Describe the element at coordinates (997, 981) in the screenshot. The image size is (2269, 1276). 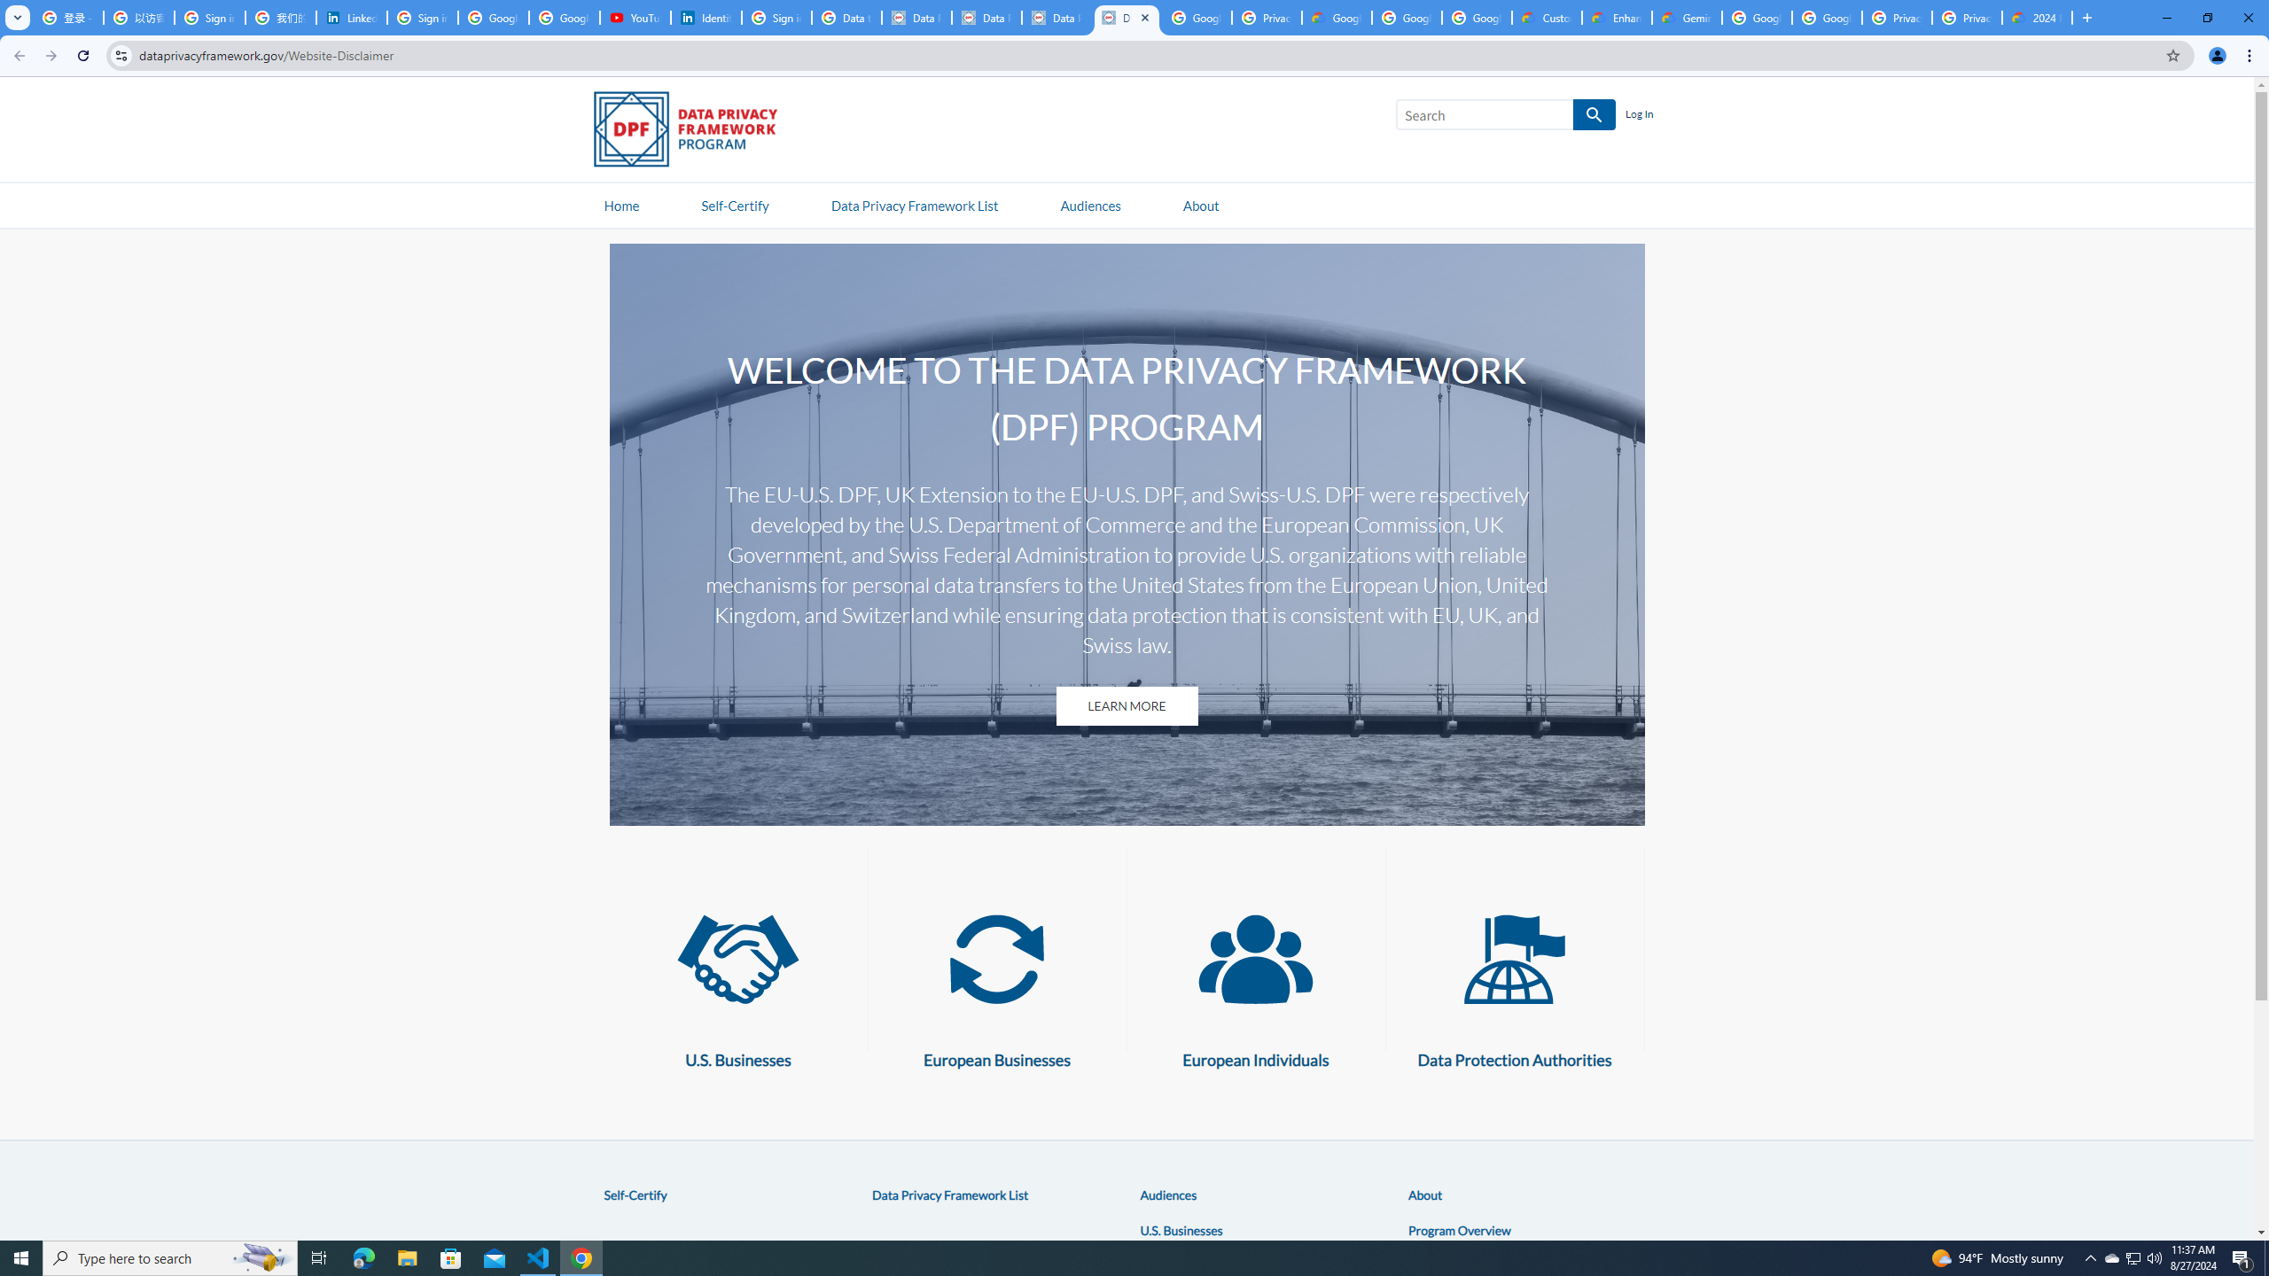
I see `'European Businesses European Businesses'` at that location.